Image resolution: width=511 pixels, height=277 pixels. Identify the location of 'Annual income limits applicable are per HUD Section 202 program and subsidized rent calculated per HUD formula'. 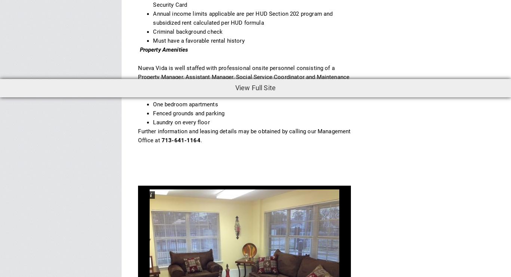
(242, 18).